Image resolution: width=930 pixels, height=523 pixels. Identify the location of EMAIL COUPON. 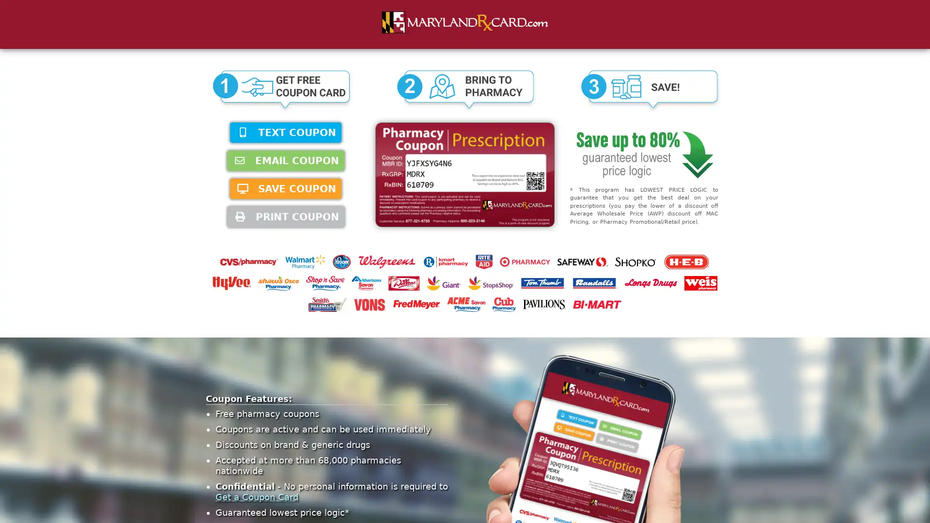
(285, 160).